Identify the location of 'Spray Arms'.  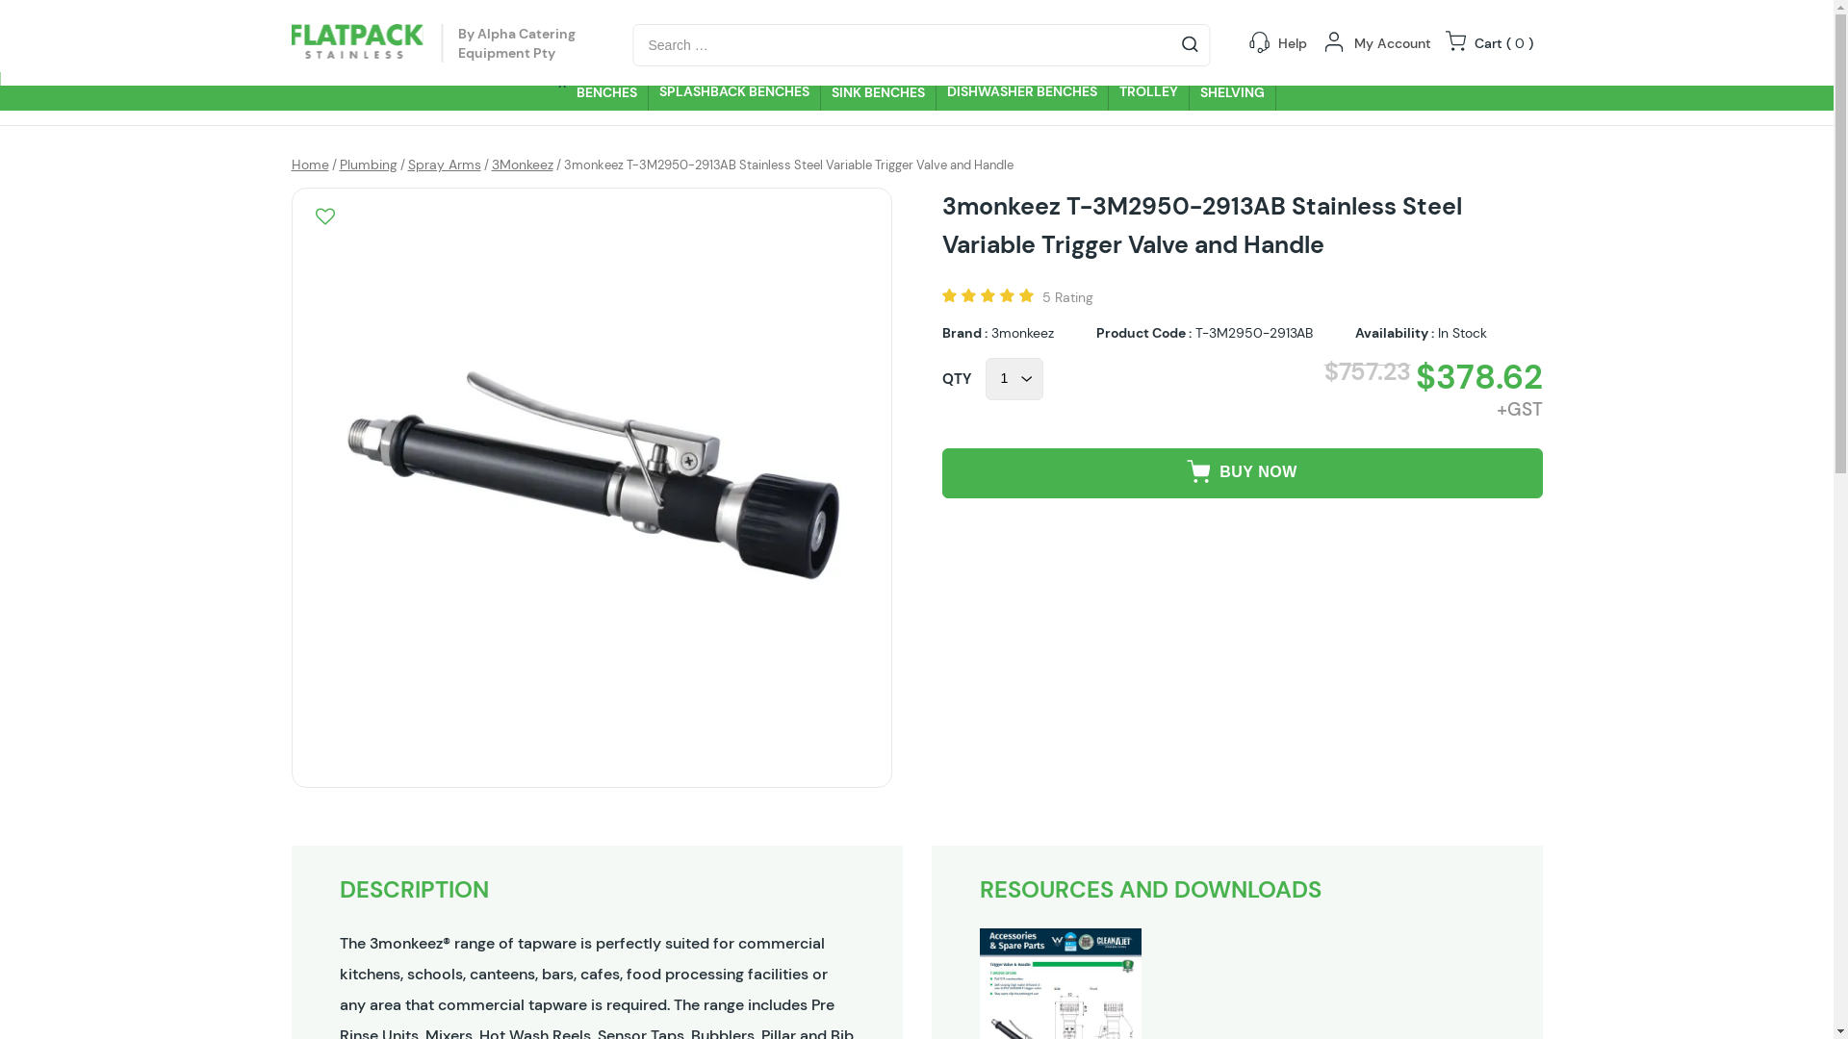
(443, 163).